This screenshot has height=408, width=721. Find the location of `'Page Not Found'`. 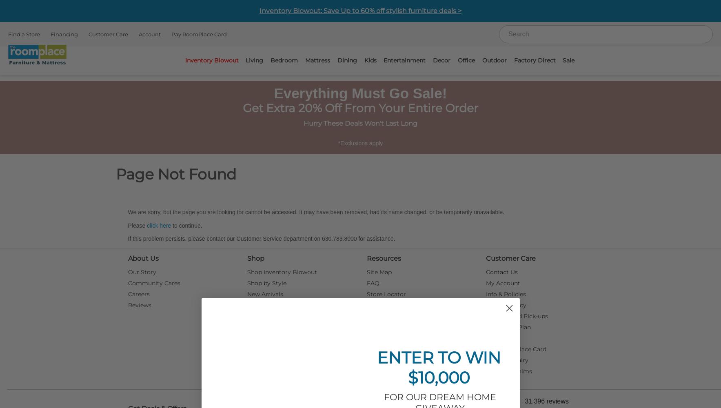

'Page Not Found' is located at coordinates (115, 174).